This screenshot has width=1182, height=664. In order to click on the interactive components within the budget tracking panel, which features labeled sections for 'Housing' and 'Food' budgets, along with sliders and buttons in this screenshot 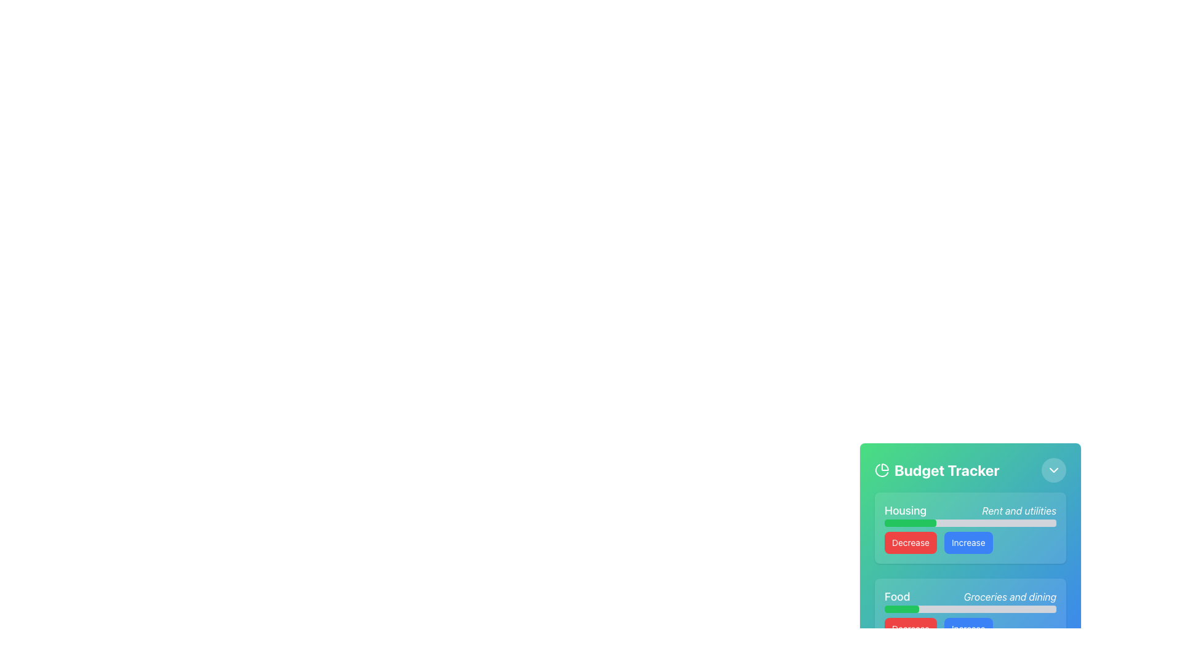, I will do `click(970, 528)`.